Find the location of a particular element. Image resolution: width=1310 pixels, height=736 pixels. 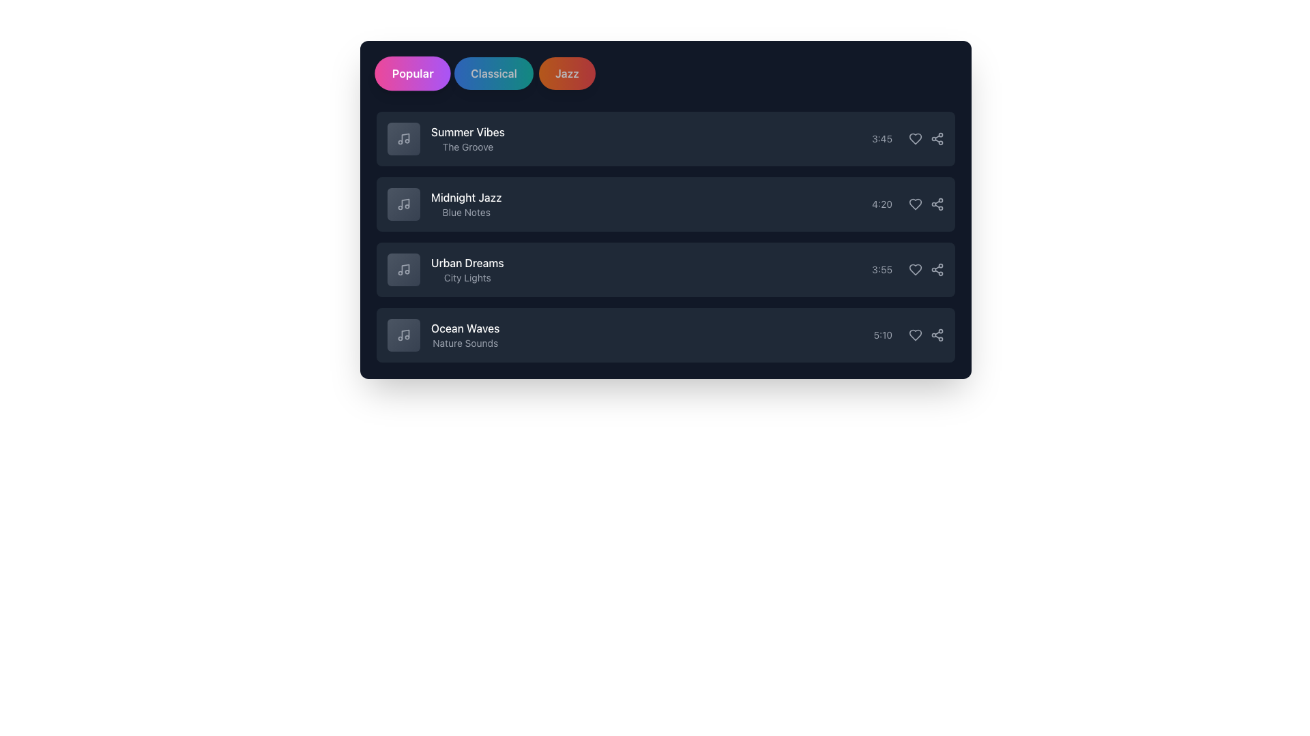

the rounded square icon with a gradient background and a white music note, located is located at coordinates (403, 270).